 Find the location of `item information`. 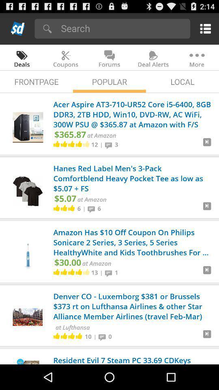

item information is located at coordinates (207, 209).